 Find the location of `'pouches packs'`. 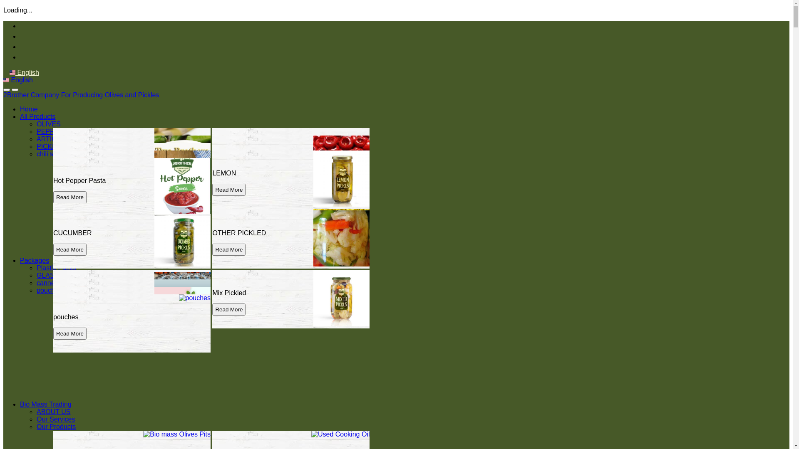

'pouches packs' is located at coordinates (58, 290).